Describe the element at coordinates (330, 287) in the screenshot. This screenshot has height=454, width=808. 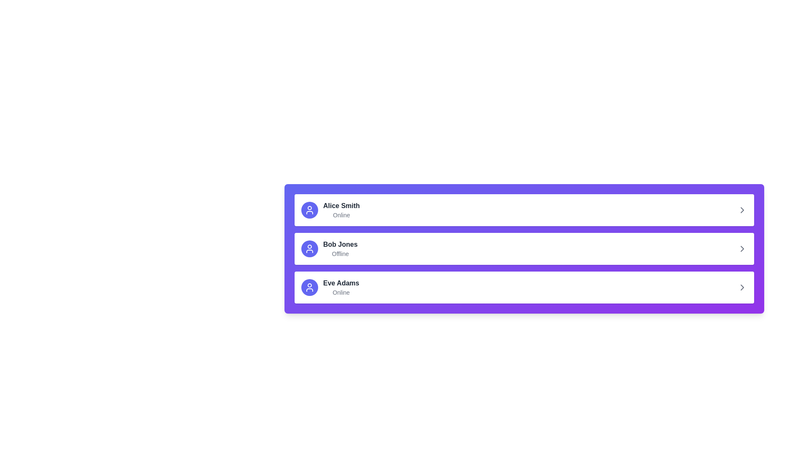
I see `the third Profile list item in the vertical list` at that location.